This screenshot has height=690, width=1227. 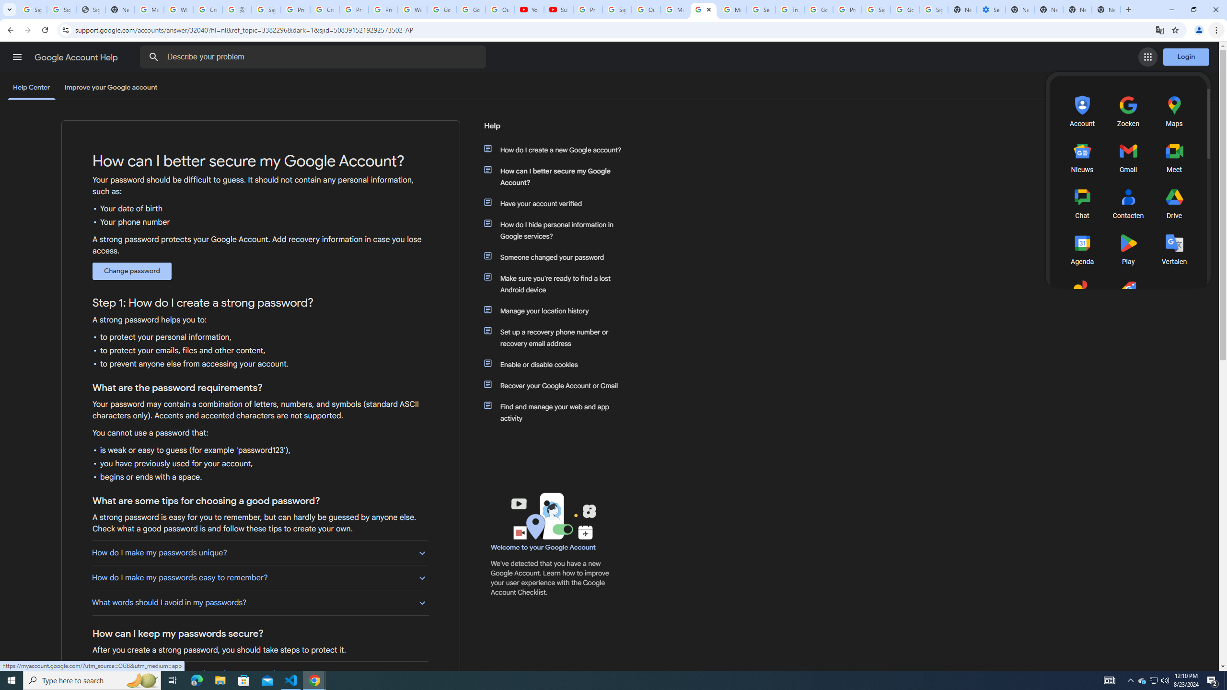 What do you see at coordinates (131, 271) in the screenshot?
I see `'Change password'` at bounding box center [131, 271].